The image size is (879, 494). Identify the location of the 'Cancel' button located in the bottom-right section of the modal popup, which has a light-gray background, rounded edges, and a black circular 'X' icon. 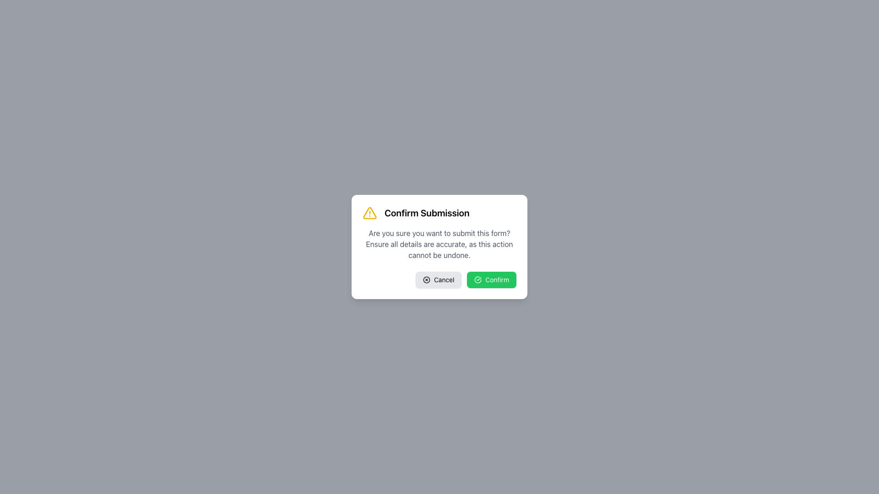
(438, 279).